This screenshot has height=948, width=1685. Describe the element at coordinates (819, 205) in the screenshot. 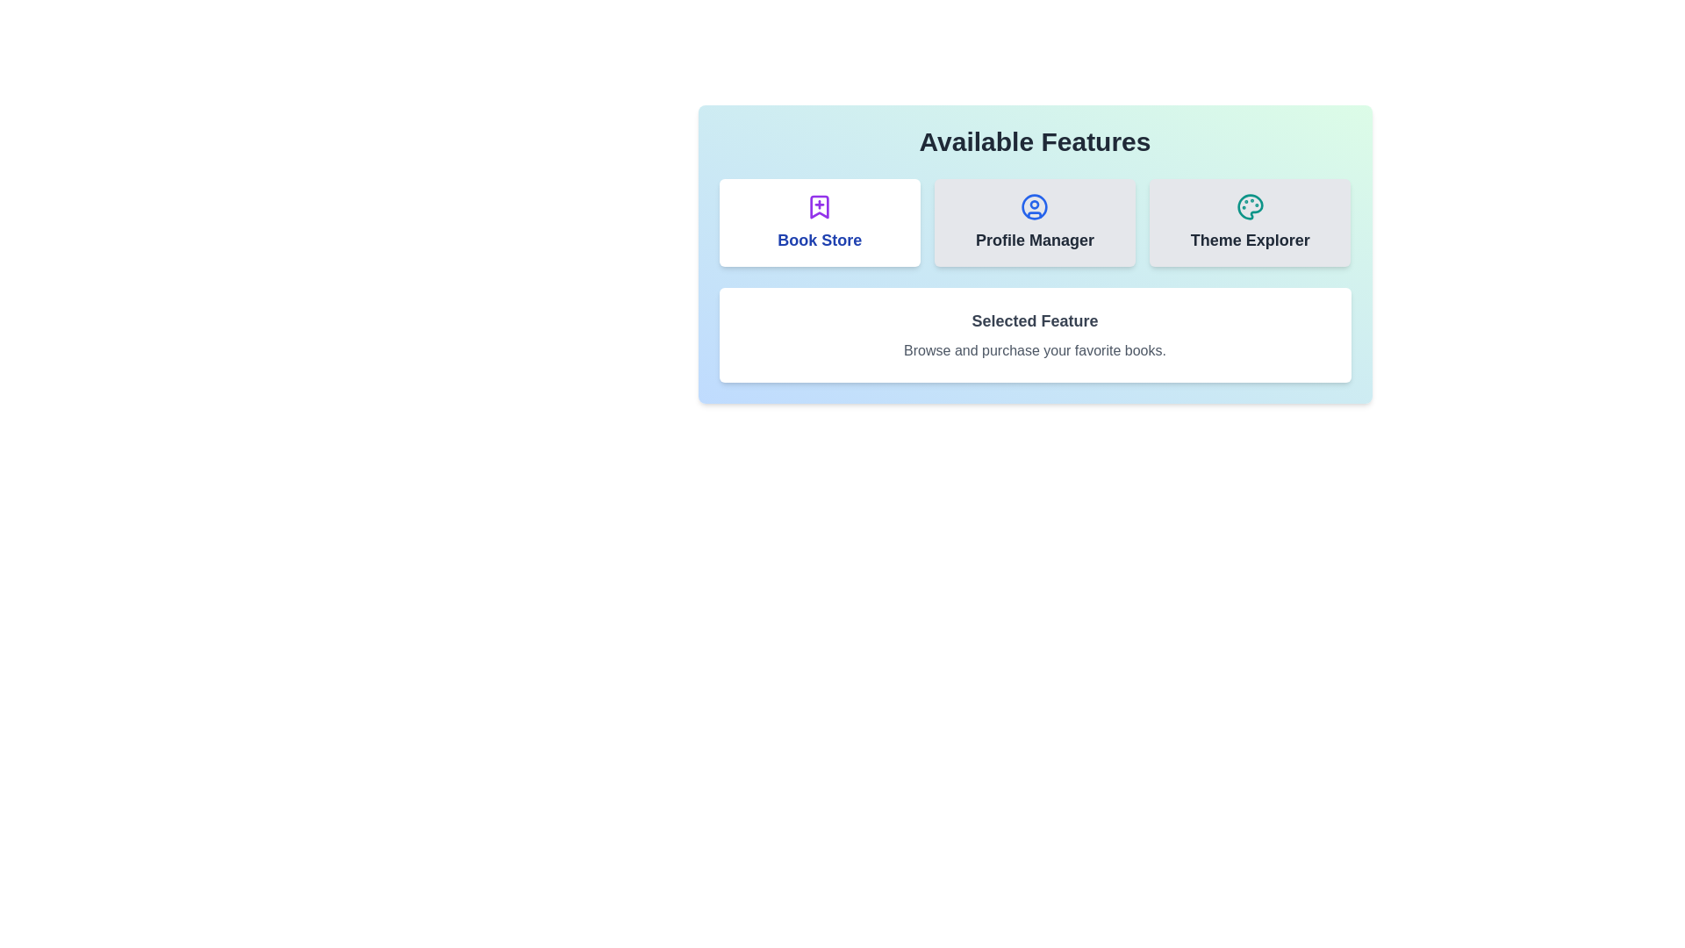

I see `on the 'Book Store' icon located at the top-center of the 'Book Store' card under the 'Available Features' header` at that location.